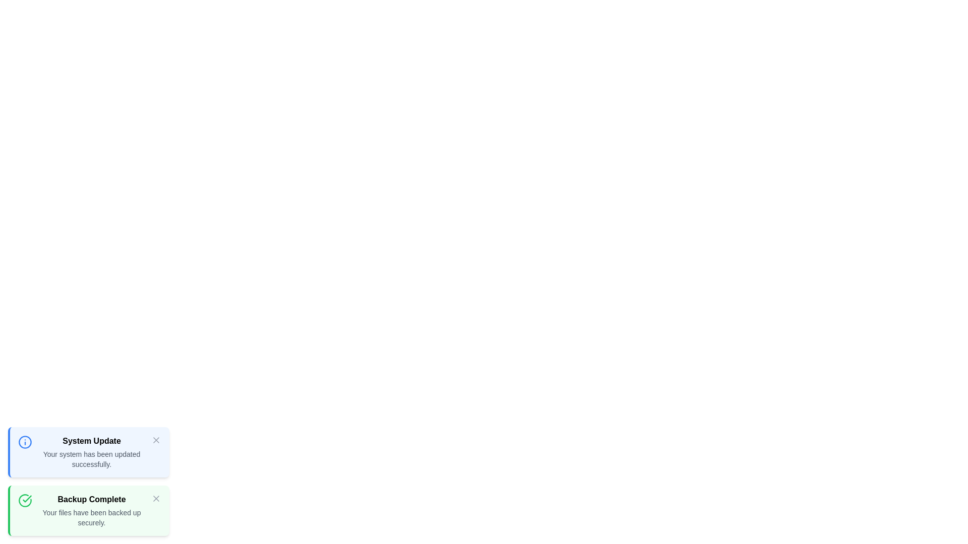  Describe the element at coordinates (156, 499) in the screenshot. I see `the close button of the notification with title 'Backup Complete'` at that location.